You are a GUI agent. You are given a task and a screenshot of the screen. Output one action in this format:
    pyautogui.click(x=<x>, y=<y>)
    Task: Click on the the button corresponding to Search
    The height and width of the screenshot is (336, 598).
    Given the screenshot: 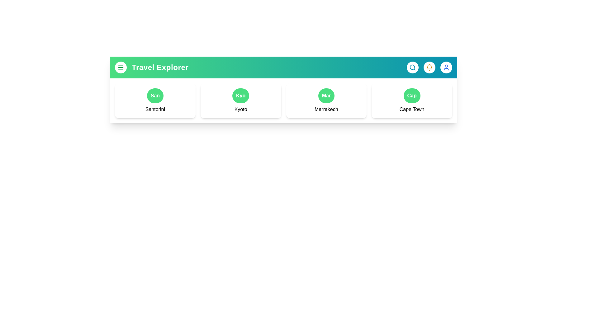 What is the action you would take?
    pyautogui.click(x=412, y=67)
    